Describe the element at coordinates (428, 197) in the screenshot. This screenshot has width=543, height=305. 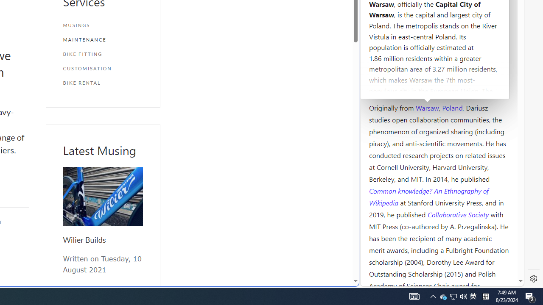
I see `'Common knowledge? An Ethnography of Wikipedia'` at that location.